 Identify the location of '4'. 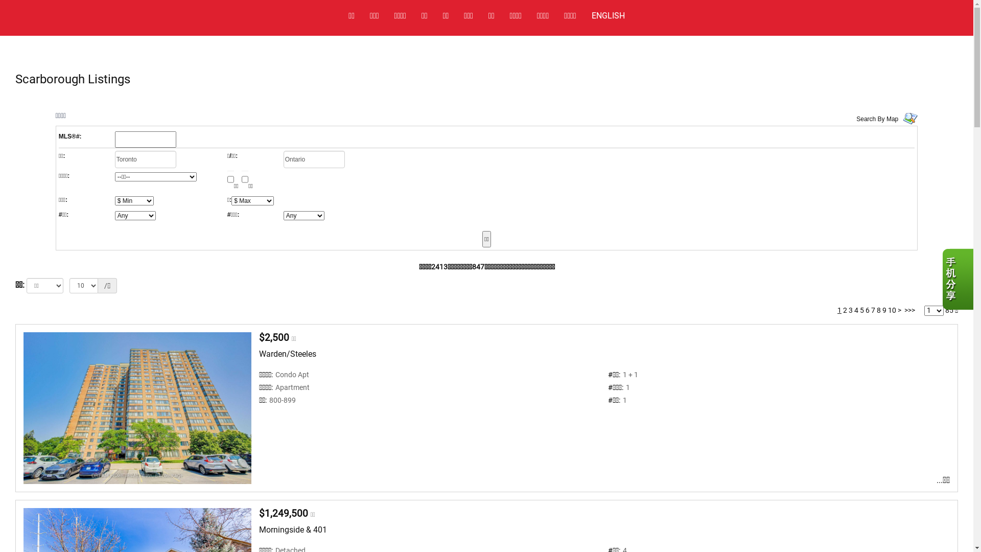
(856, 309).